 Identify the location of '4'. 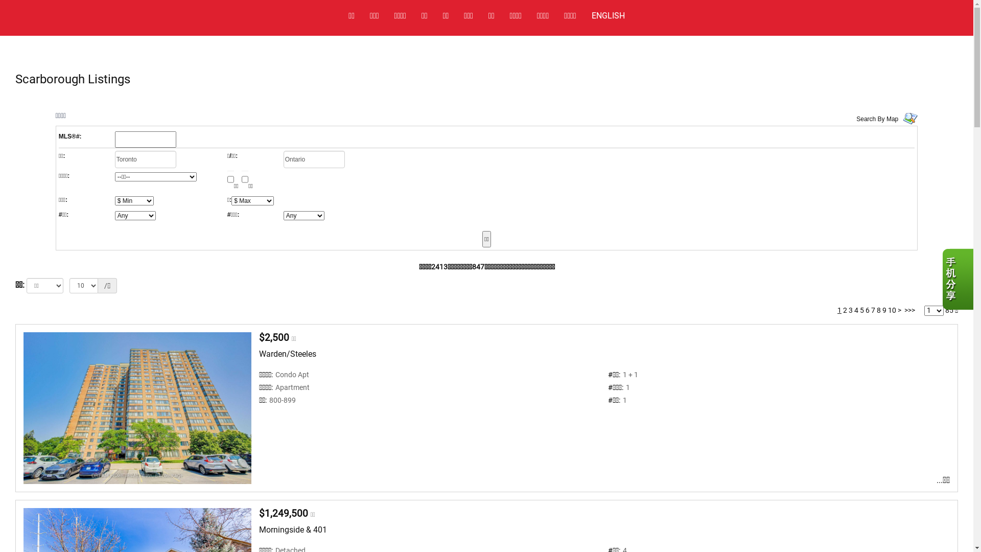
(856, 309).